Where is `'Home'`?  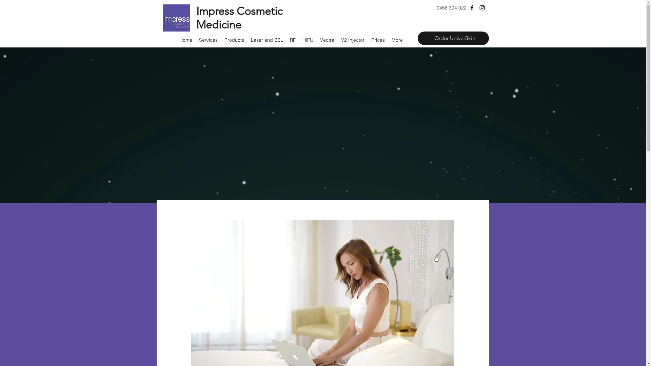
'Home' is located at coordinates (176, 40).